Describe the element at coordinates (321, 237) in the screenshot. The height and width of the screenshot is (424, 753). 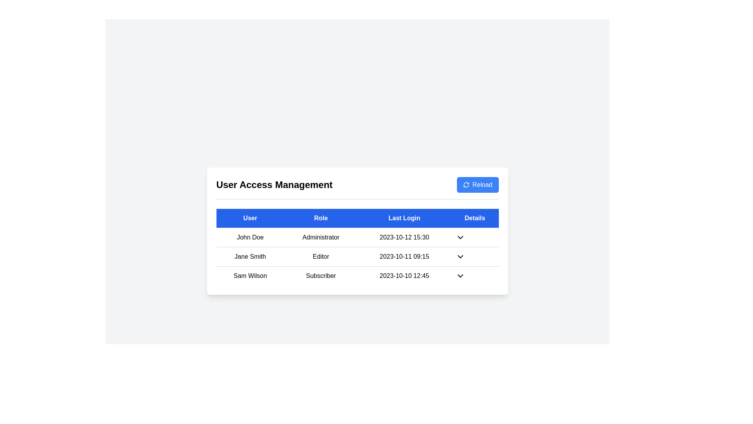
I see `text 'Administrator' located in the second cell of the row corresponding to 'John Doe' in the 'Role' column of the User Access Management table` at that location.